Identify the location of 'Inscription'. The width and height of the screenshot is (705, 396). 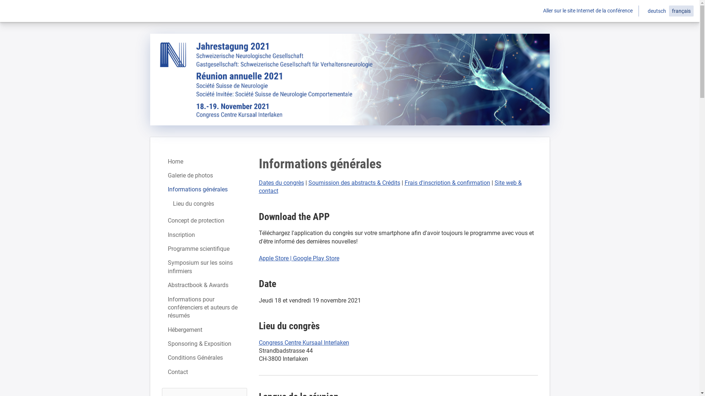
(204, 235).